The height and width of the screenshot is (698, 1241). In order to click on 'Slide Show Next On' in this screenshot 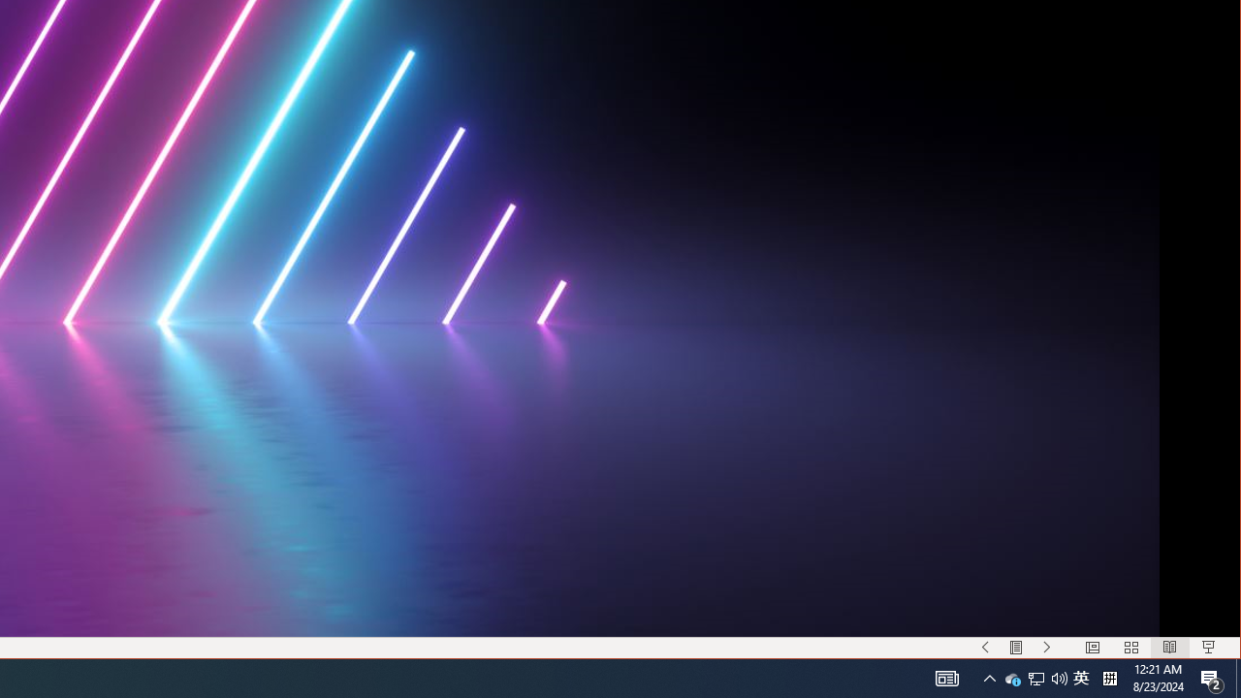, I will do `click(1046, 648)`.